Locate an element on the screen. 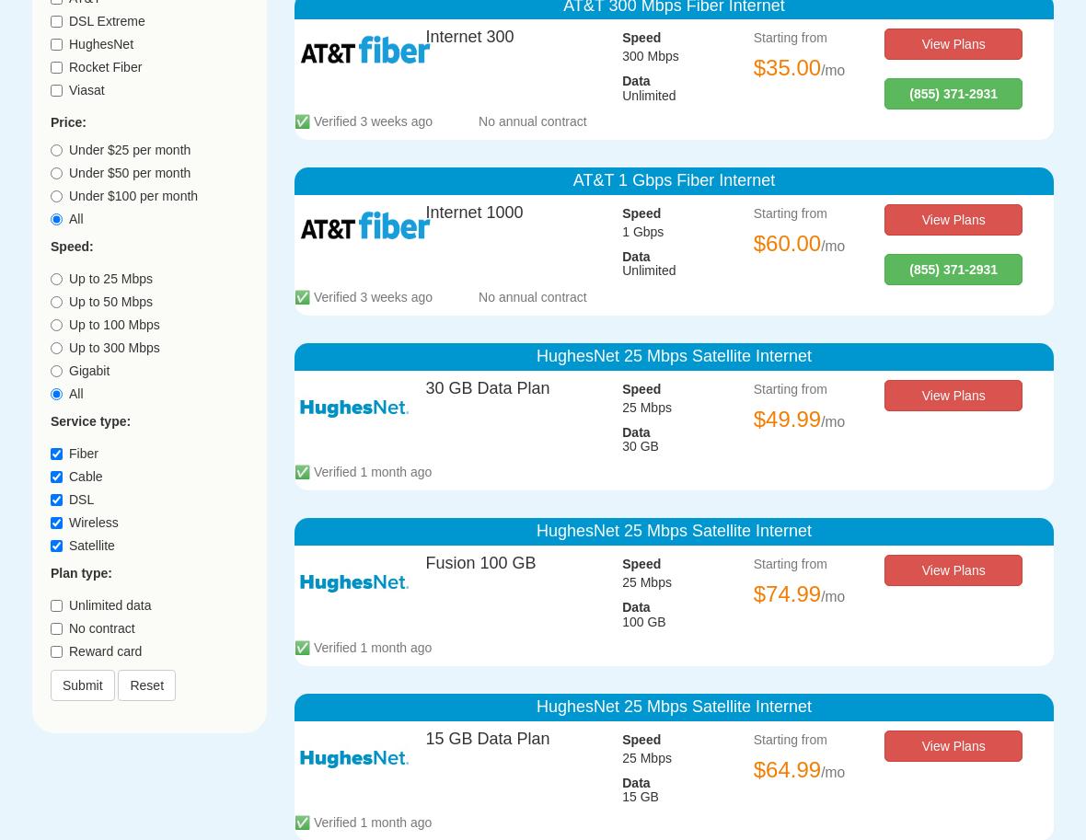 The width and height of the screenshot is (1086, 840). 'Wireless' is located at coordinates (92, 520).